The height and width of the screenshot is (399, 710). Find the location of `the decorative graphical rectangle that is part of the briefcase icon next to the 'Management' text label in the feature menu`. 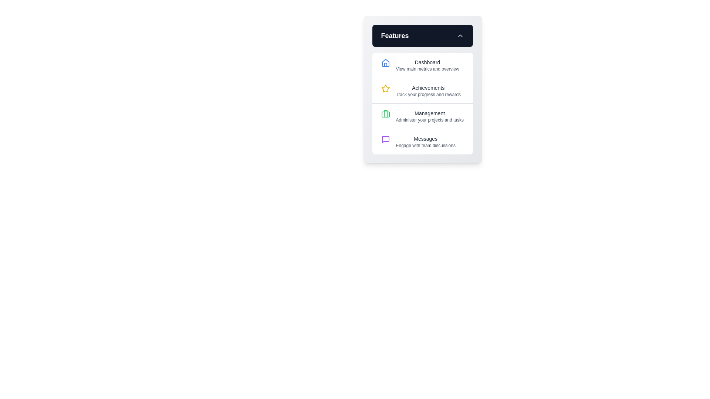

the decorative graphical rectangle that is part of the briefcase icon next to the 'Management' text label in the feature menu is located at coordinates (385, 114).